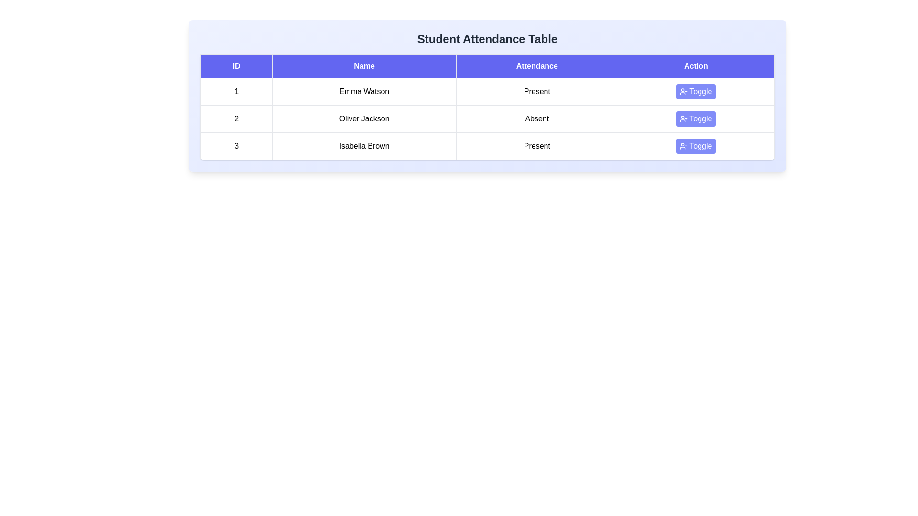  Describe the element at coordinates (364, 146) in the screenshot. I see `the label representing the student 'Isabella Brown' in the 'Student Attendance Table' under the 'Name' column` at that location.